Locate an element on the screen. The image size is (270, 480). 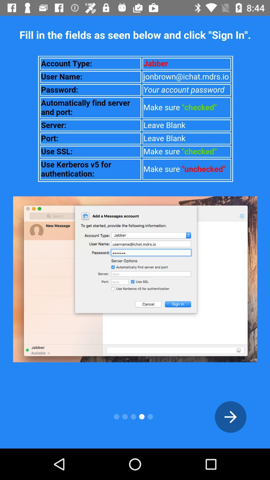
go forward is located at coordinates (230, 417).